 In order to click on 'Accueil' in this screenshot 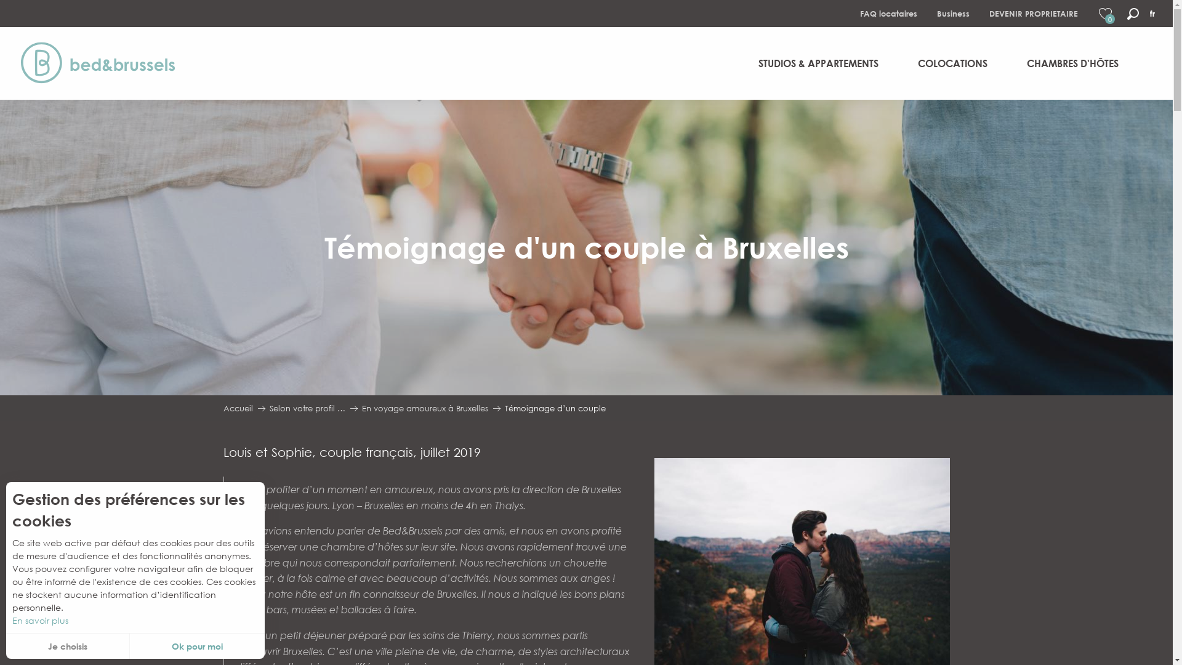, I will do `click(222, 408)`.